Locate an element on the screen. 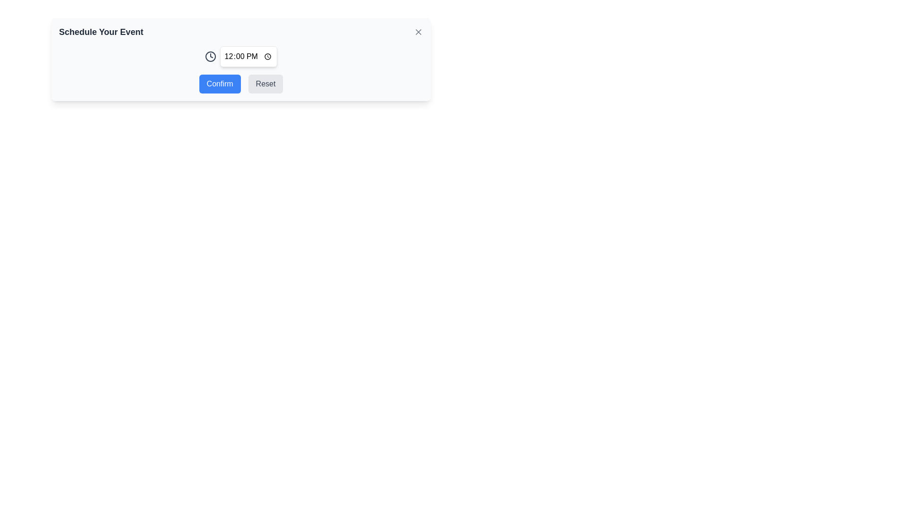 The width and height of the screenshot is (907, 510). the small cross or close icon located in the top-right corner of the card layout titled 'Schedule Your Event' is located at coordinates (418, 32).